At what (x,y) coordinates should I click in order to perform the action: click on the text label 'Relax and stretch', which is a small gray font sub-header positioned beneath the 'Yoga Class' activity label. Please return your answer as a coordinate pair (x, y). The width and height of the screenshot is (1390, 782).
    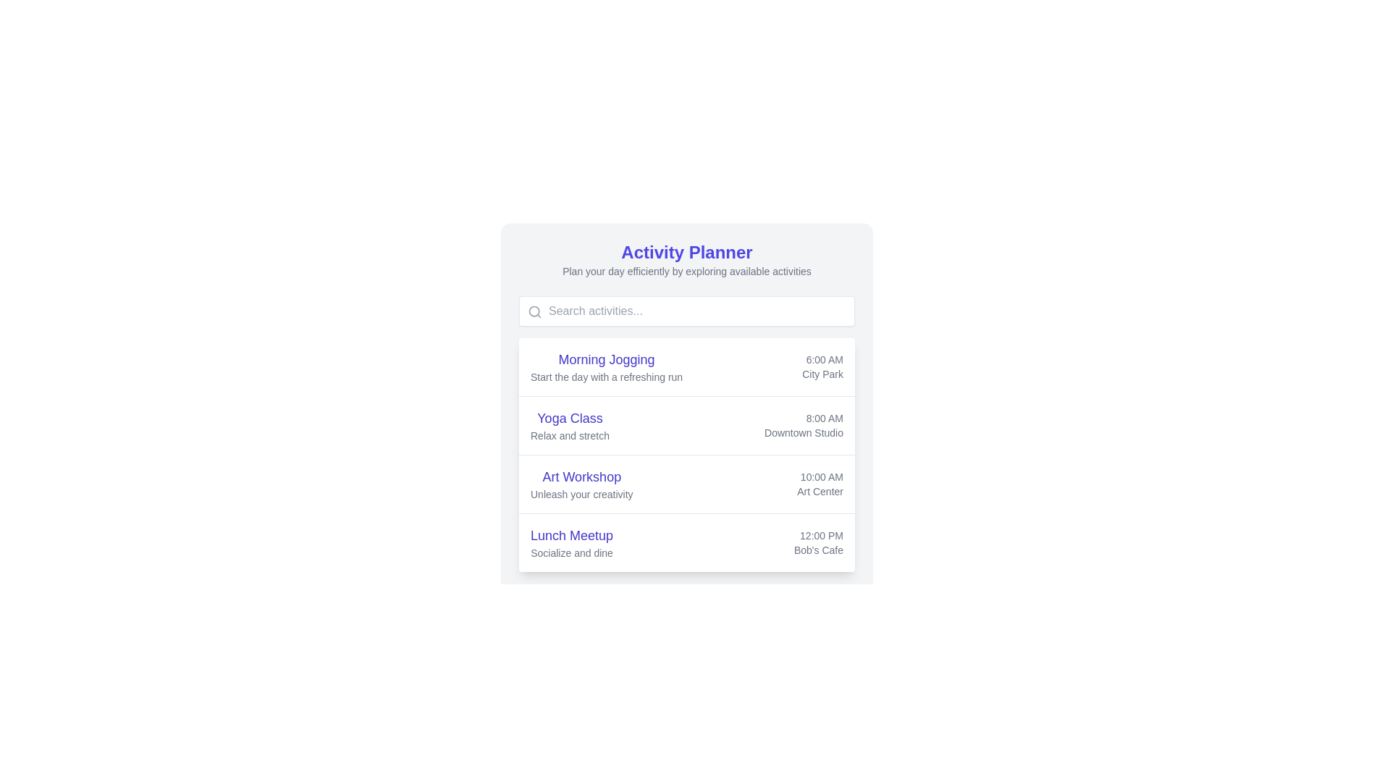
    Looking at the image, I should click on (569, 434).